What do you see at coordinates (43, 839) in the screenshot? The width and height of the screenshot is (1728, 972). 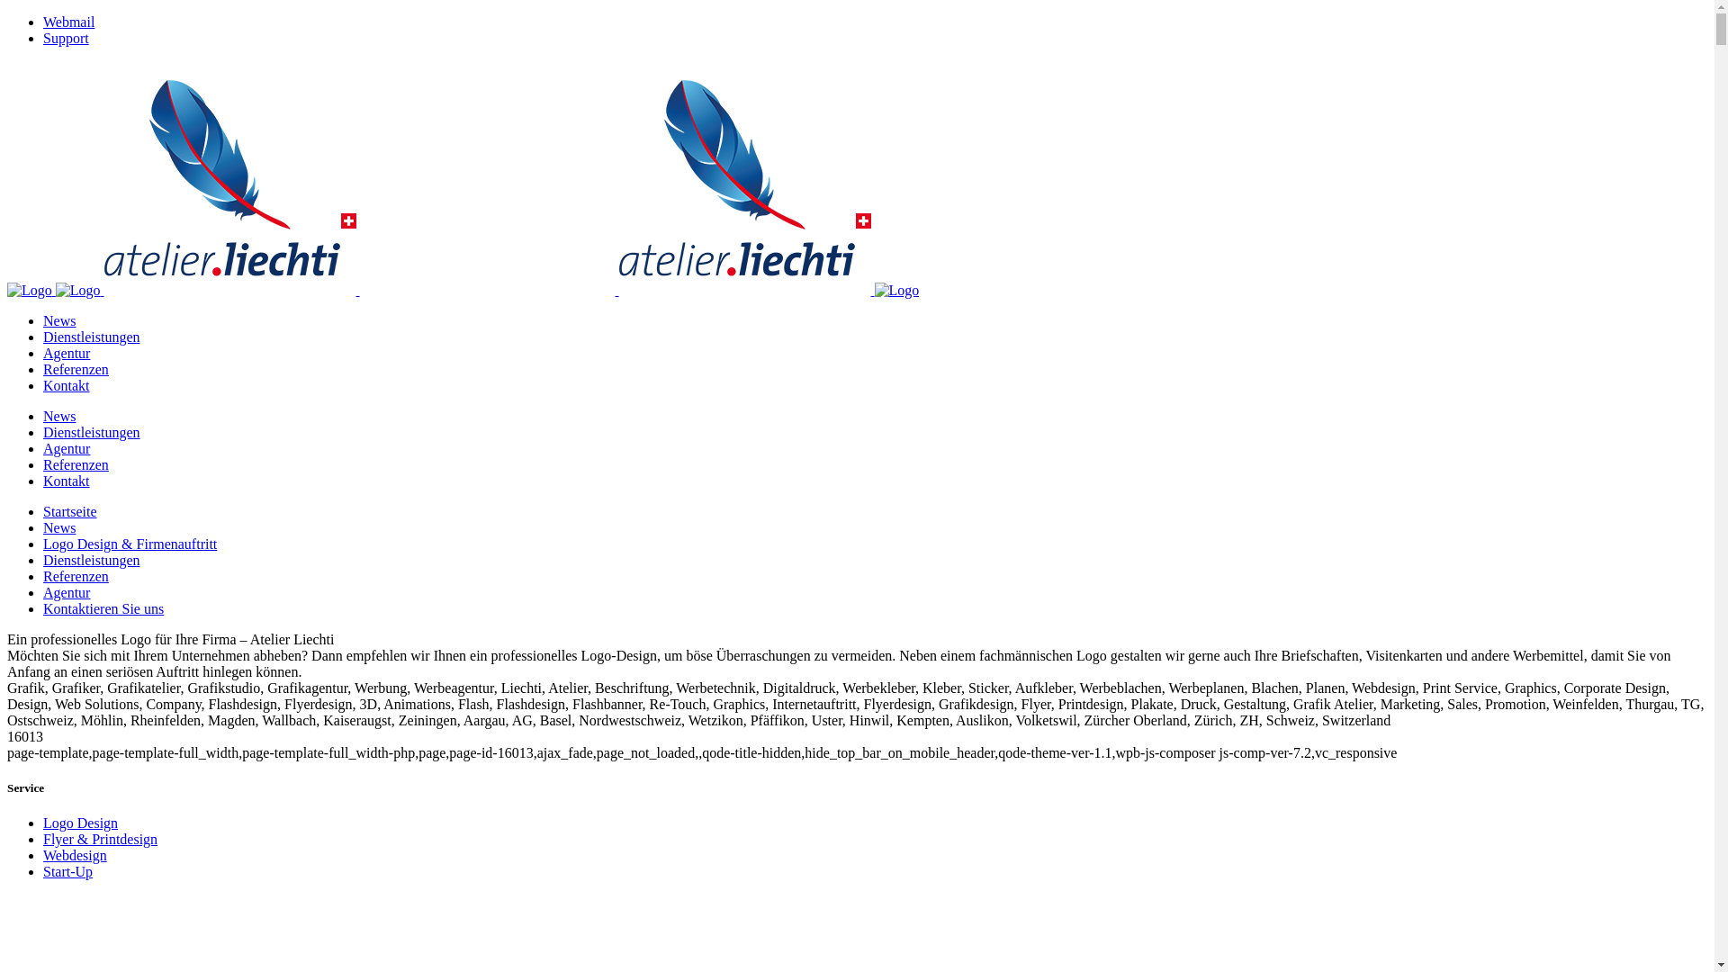 I see `'Flyer & Printdesign'` at bounding box center [43, 839].